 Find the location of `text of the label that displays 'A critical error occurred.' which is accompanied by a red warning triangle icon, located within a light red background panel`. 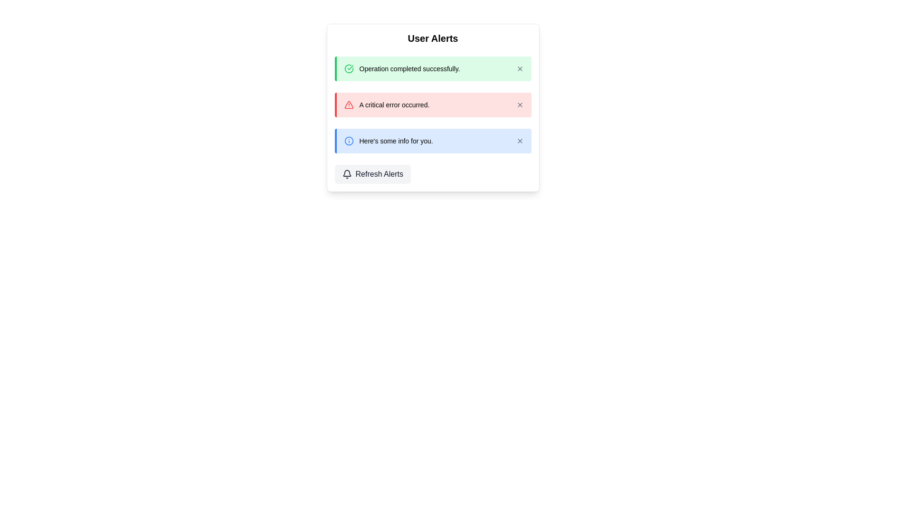

text of the label that displays 'A critical error occurred.' which is accompanied by a red warning triangle icon, located within a light red background panel is located at coordinates (387, 104).